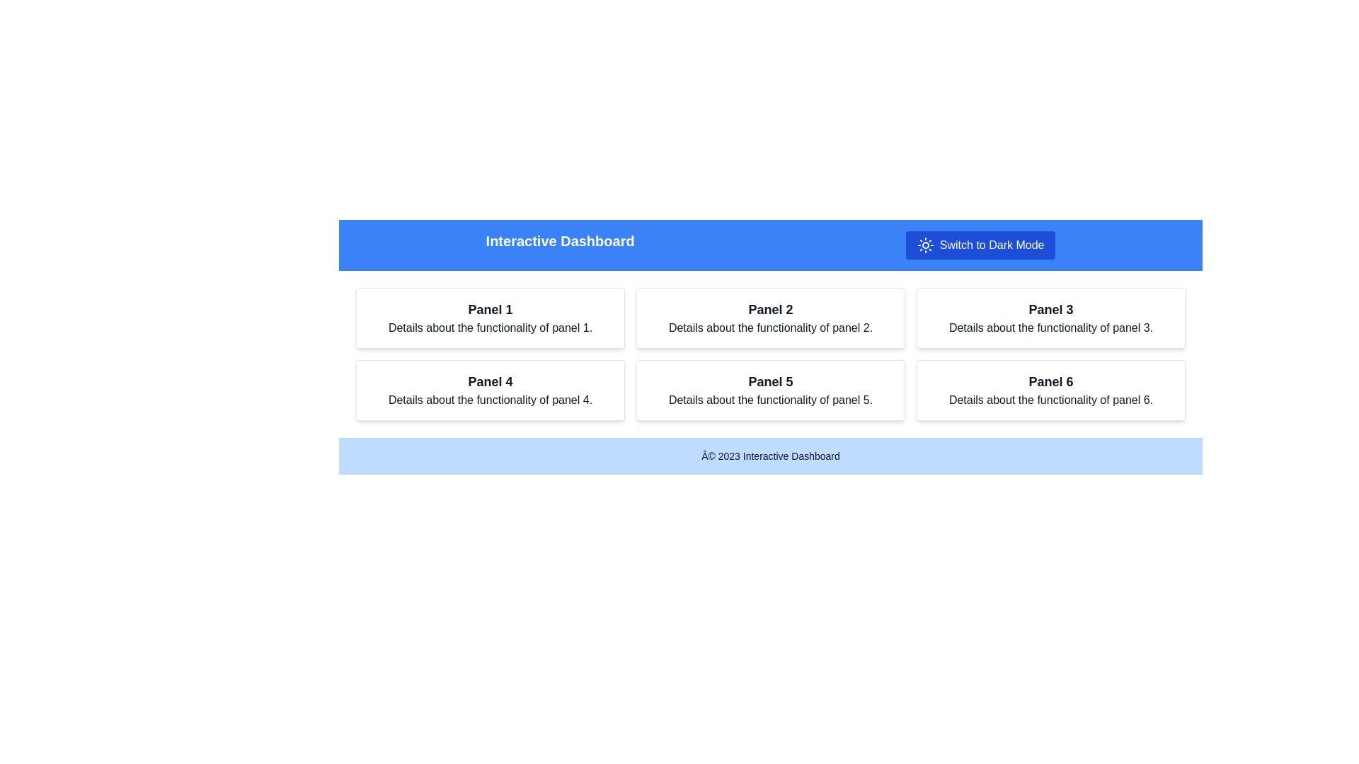 This screenshot has width=1359, height=764. What do you see at coordinates (770, 400) in the screenshot?
I see `descriptive text element for 'Panel 5', which is located in the center panel of the second row in a grid layout, positioned below its heading` at bounding box center [770, 400].